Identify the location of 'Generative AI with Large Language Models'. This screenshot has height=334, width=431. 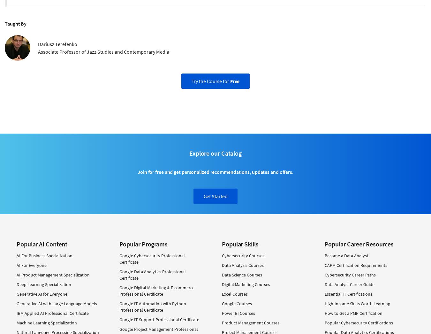
(57, 303).